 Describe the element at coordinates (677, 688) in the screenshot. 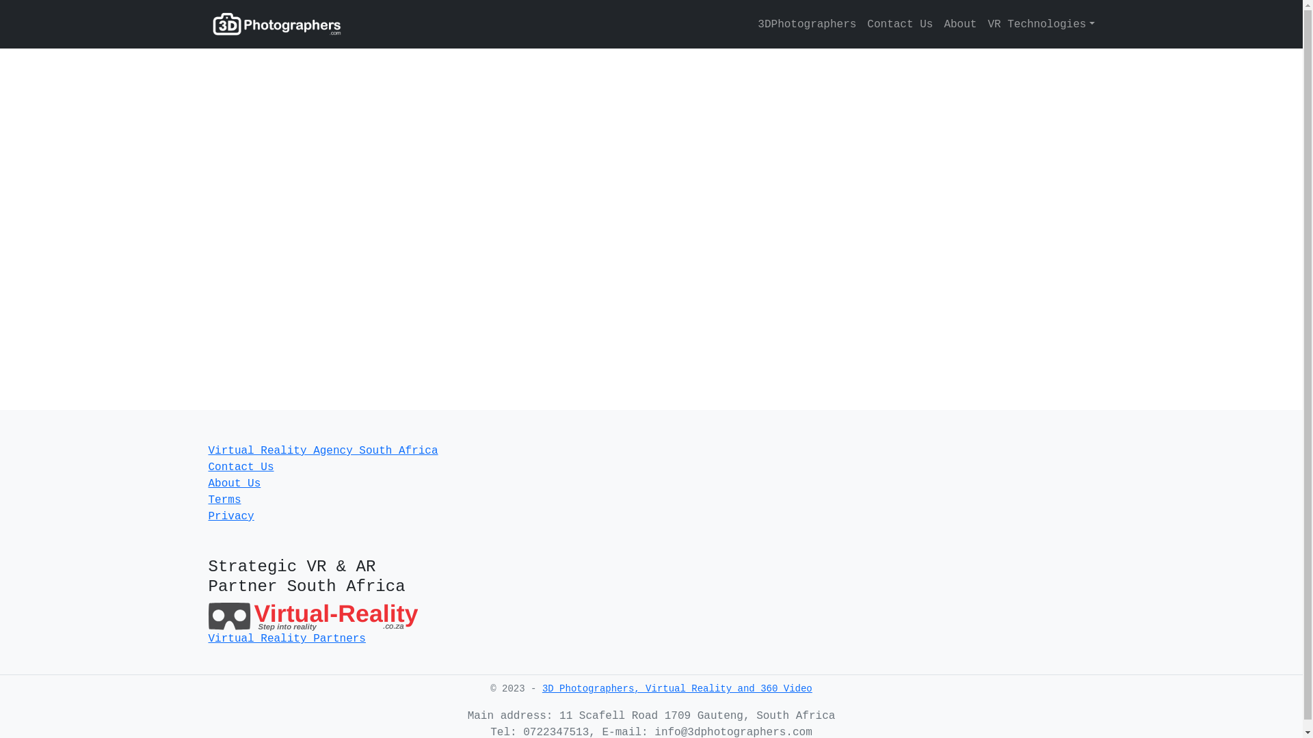

I see `'3D Photographers, Virtual Reality and 360 Video'` at that location.